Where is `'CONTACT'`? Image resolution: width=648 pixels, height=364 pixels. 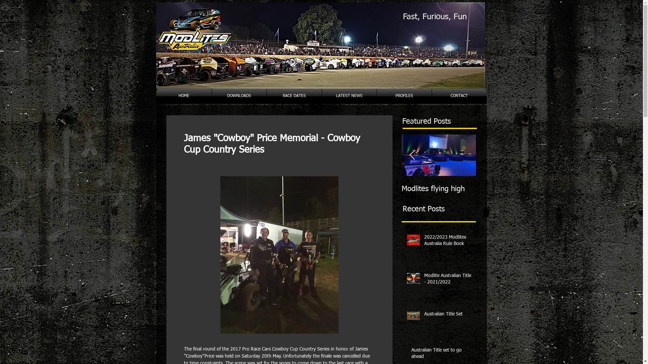
'CONTACT' is located at coordinates (459, 96).